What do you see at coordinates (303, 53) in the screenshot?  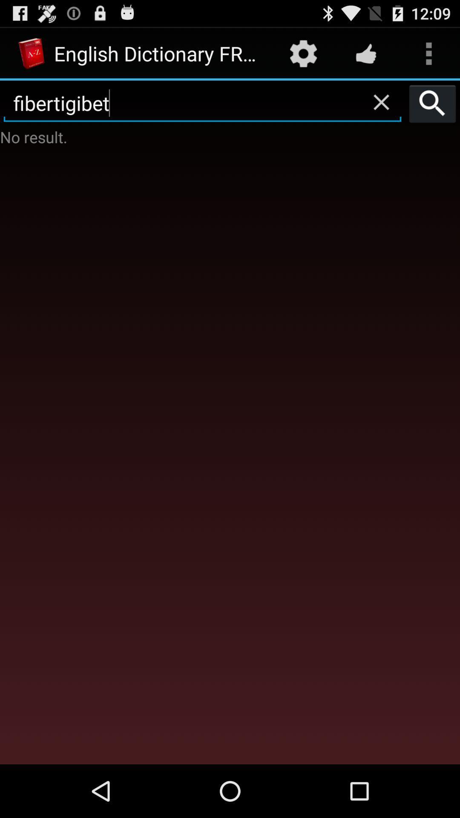 I see `icon above fibertigibet icon` at bounding box center [303, 53].